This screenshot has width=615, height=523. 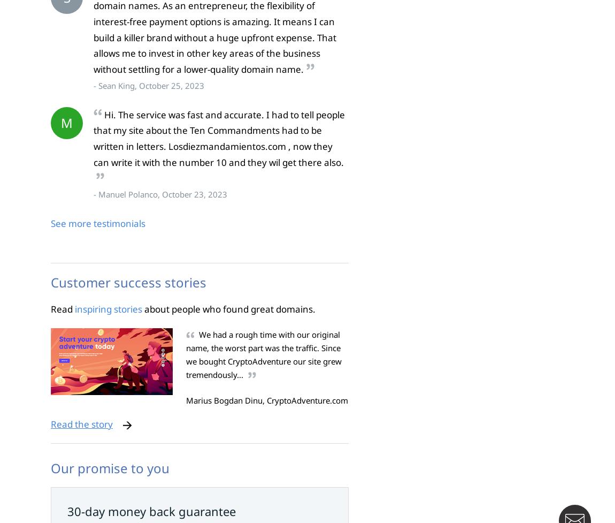 I want to click on 'M', so click(x=60, y=122).